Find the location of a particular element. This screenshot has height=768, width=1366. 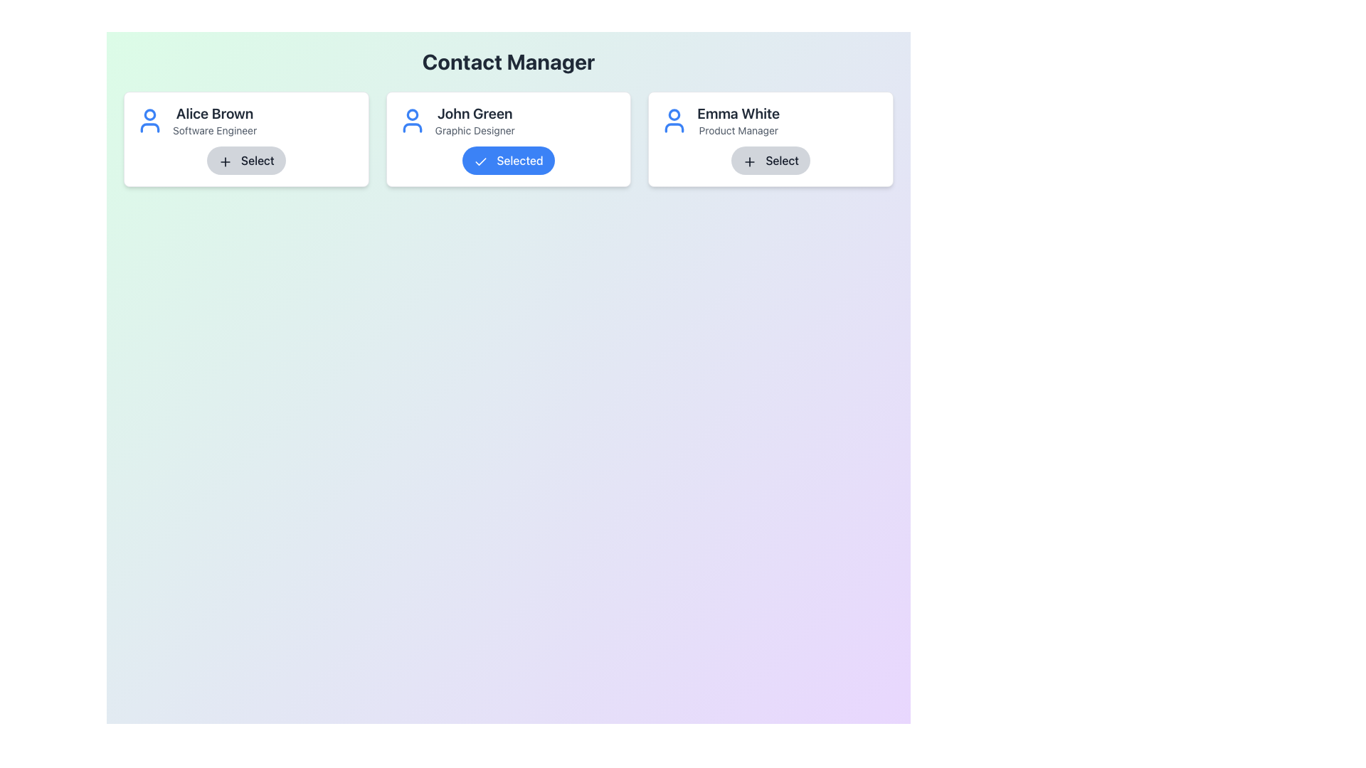

the button located at the bottom of the card displaying 'Alice Brown' and 'Software Engineer' is located at coordinates (246, 160).